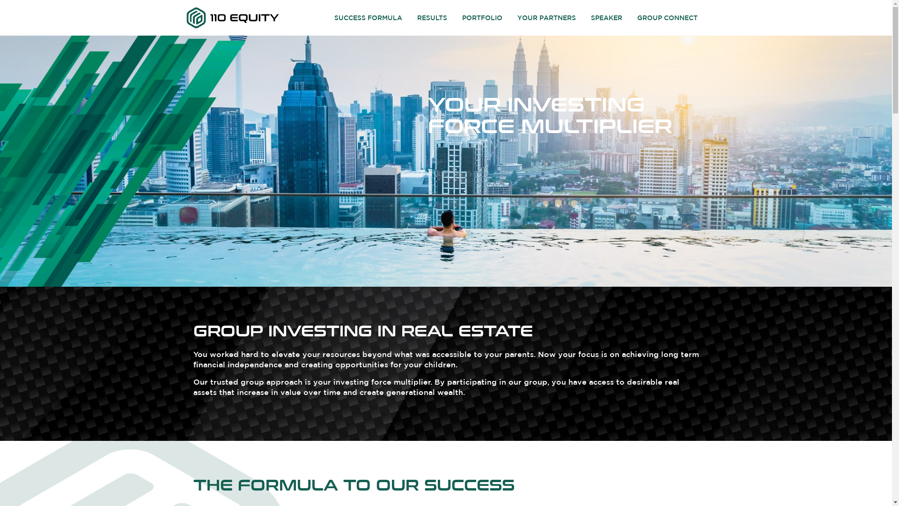 The width and height of the screenshot is (899, 506). I want to click on 'PORTFOLIO', so click(456, 18).